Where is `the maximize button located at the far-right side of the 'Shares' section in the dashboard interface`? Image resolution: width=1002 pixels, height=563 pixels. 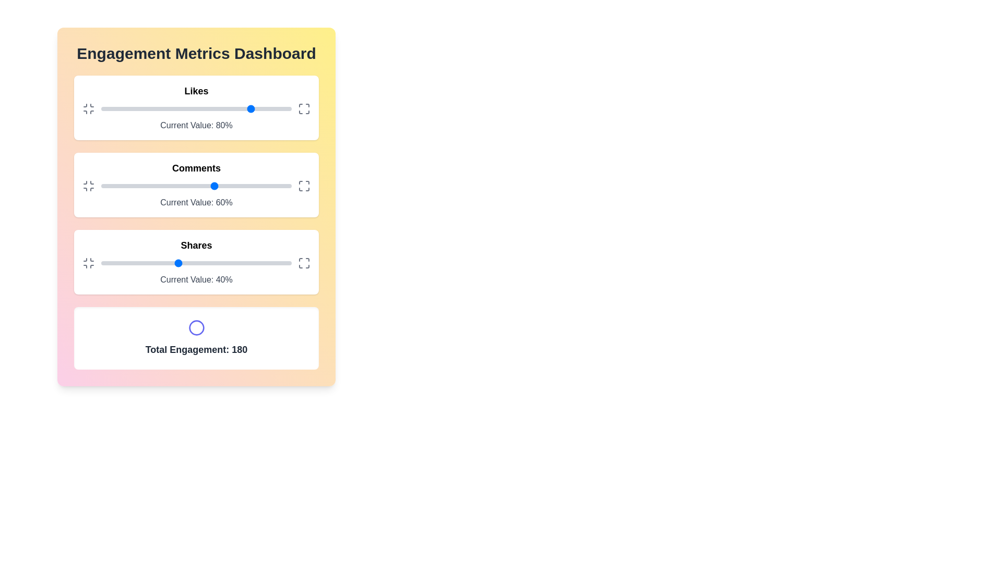
the maximize button located at the far-right side of the 'Shares' section in the dashboard interface is located at coordinates (303, 263).